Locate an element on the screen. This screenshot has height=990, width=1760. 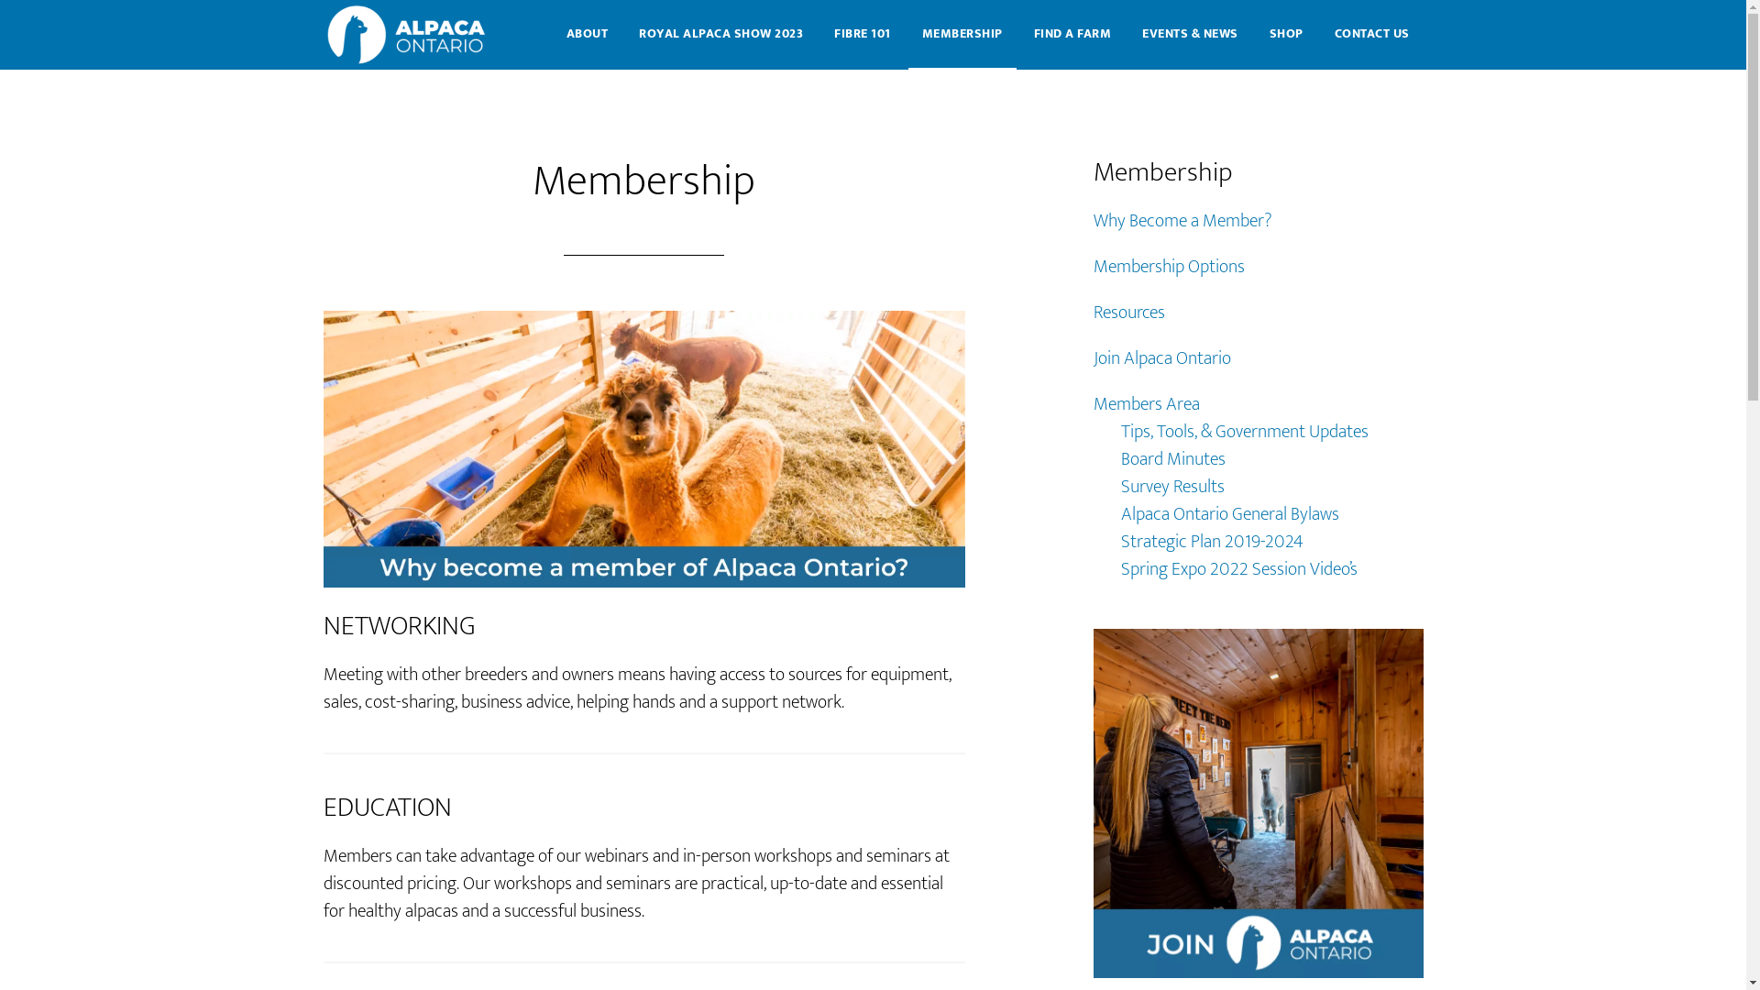
'ALPACA ONTARIO' is located at coordinates (408, 35).